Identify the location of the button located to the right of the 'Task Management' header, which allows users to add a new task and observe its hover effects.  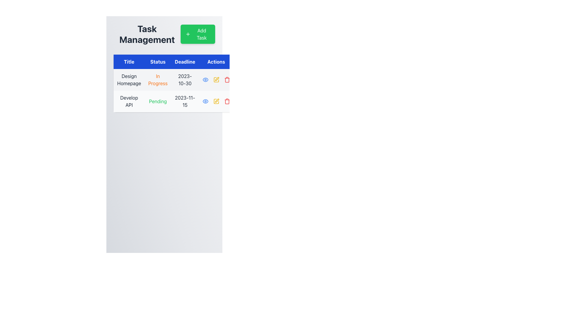
(198, 34).